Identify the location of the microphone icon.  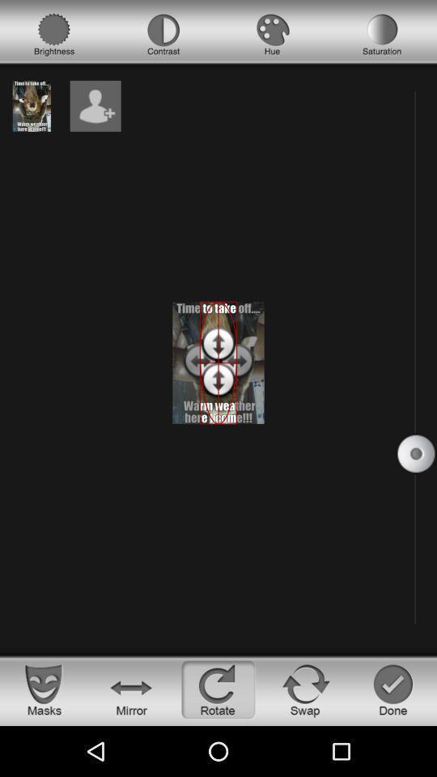
(54, 34).